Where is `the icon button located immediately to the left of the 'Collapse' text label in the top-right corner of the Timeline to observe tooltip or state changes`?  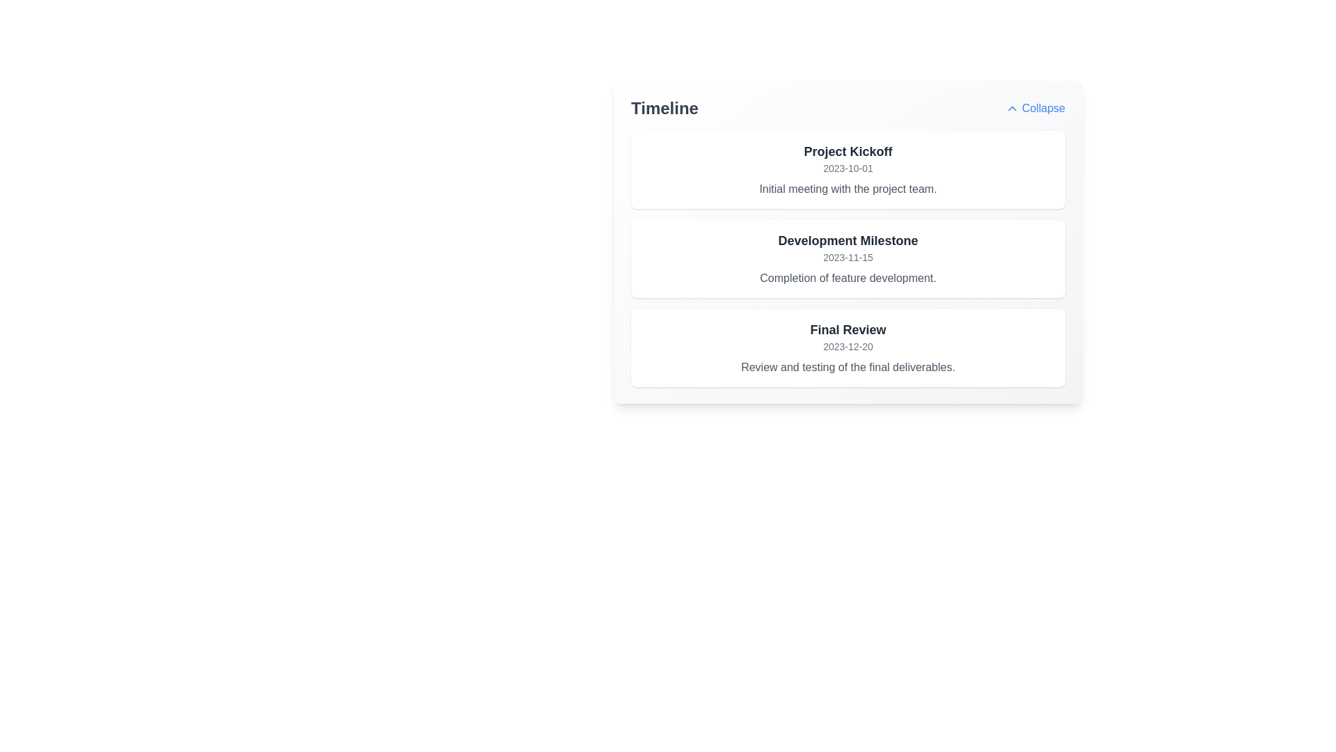
the icon button located immediately to the left of the 'Collapse' text label in the top-right corner of the Timeline to observe tooltip or state changes is located at coordinates (1012, 107).